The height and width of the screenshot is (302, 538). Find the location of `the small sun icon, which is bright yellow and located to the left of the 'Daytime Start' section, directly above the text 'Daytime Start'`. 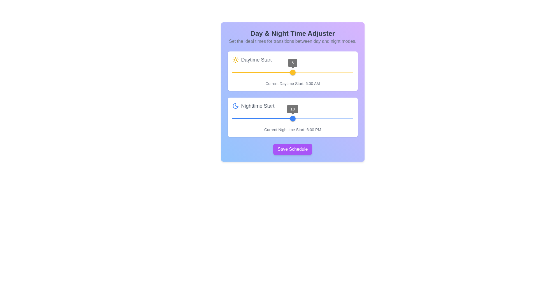

the small sun icon, which is bright yellow and located to the left of the 'Daytime Start' section, directly above the text 'Daytime Start' is located at coordinates (235, 60).